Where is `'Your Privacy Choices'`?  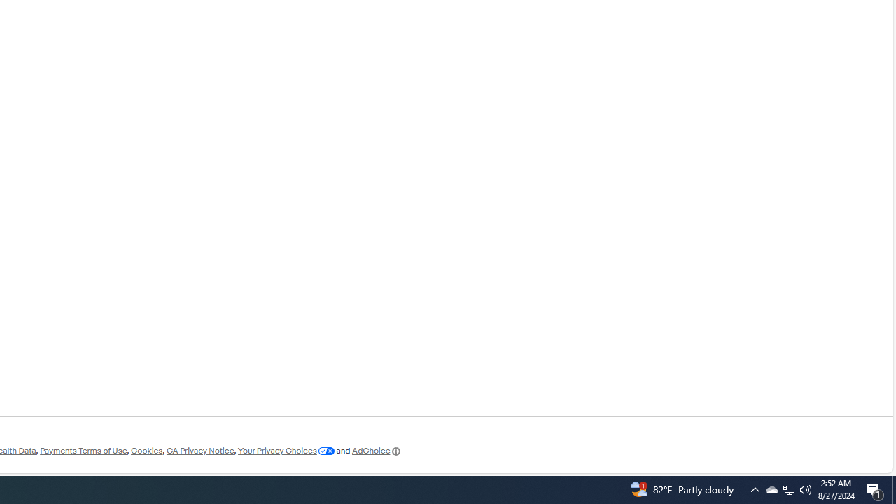 'Your Privacy Choices' is located at coordinates (285, 451).